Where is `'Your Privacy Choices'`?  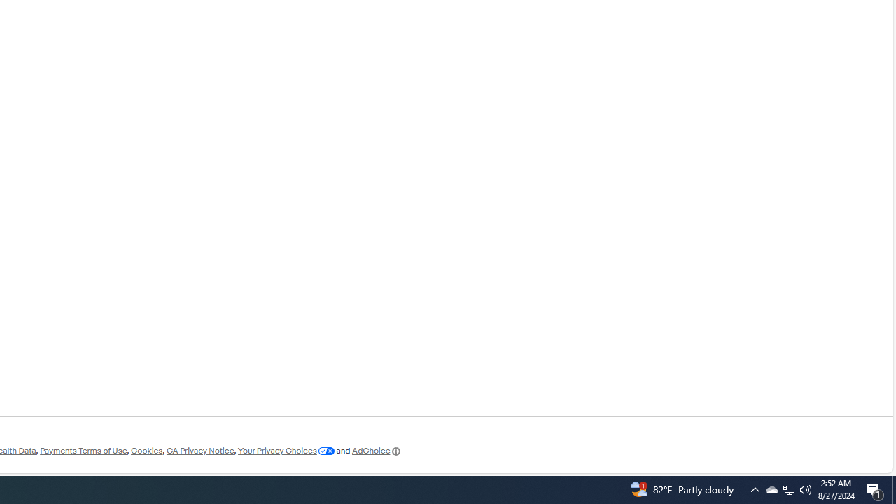 'Your Privacy Choices' is located at coordinates (285, 451).